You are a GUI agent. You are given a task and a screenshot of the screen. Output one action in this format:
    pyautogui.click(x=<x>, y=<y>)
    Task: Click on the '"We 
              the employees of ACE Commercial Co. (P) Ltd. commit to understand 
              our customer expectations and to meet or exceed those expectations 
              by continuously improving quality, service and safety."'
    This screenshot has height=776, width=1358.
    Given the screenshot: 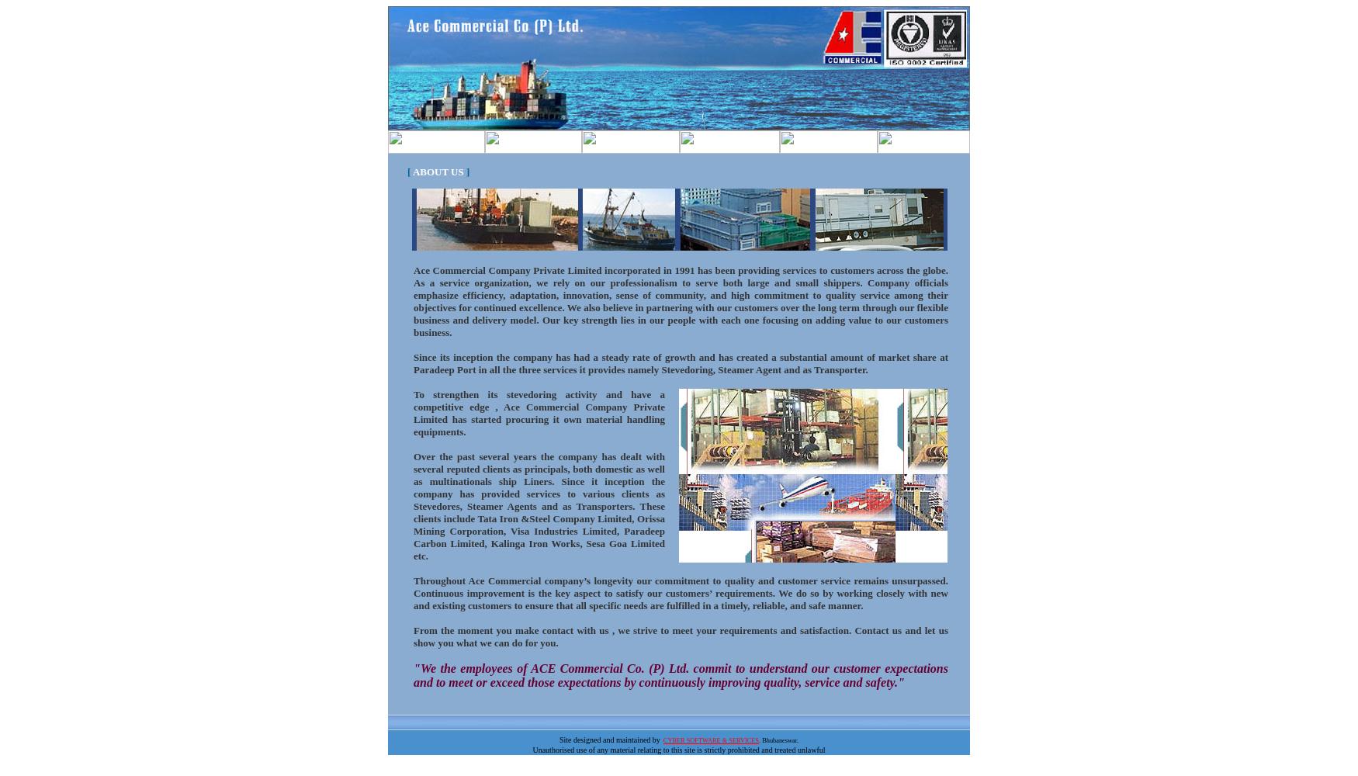 What is the action you would take?
    pyautogui.click(x=680, y=674)
    